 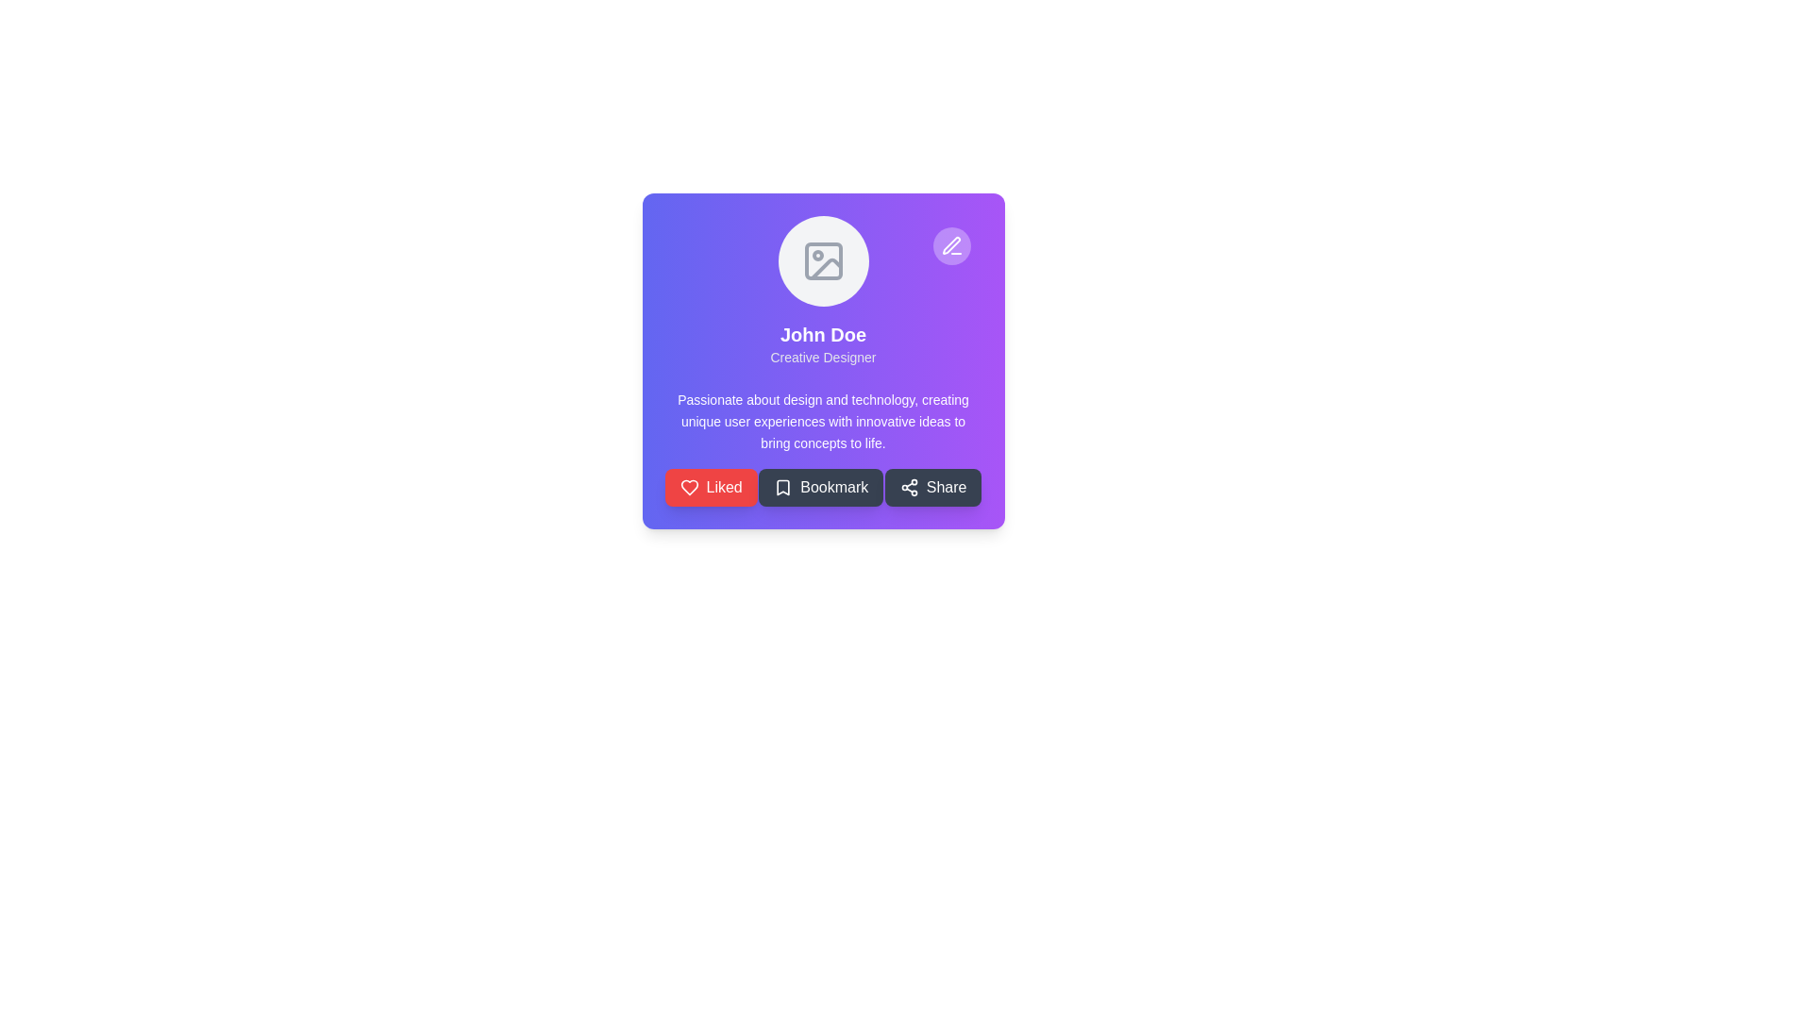 What do you see at coordinates (823, 261) in the screenshot?
I see `the circular placeholder or profile image located at the top-center of the purple rectangular card, positioned above the text 'John Doe' and 'Creative Designer'` at bounding box center [823, 261].